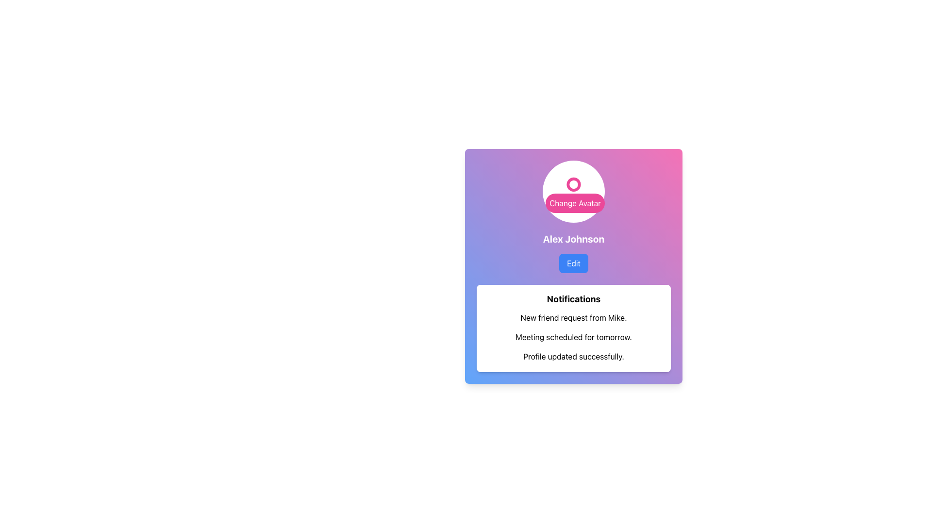  What do you see at coordinates (573, 336) in the screenshot?
I see `the text label that reads 'Meeting scheduled for tomorrow.' which is the second notification in the list of notifications` at bounding box center [573, 336].